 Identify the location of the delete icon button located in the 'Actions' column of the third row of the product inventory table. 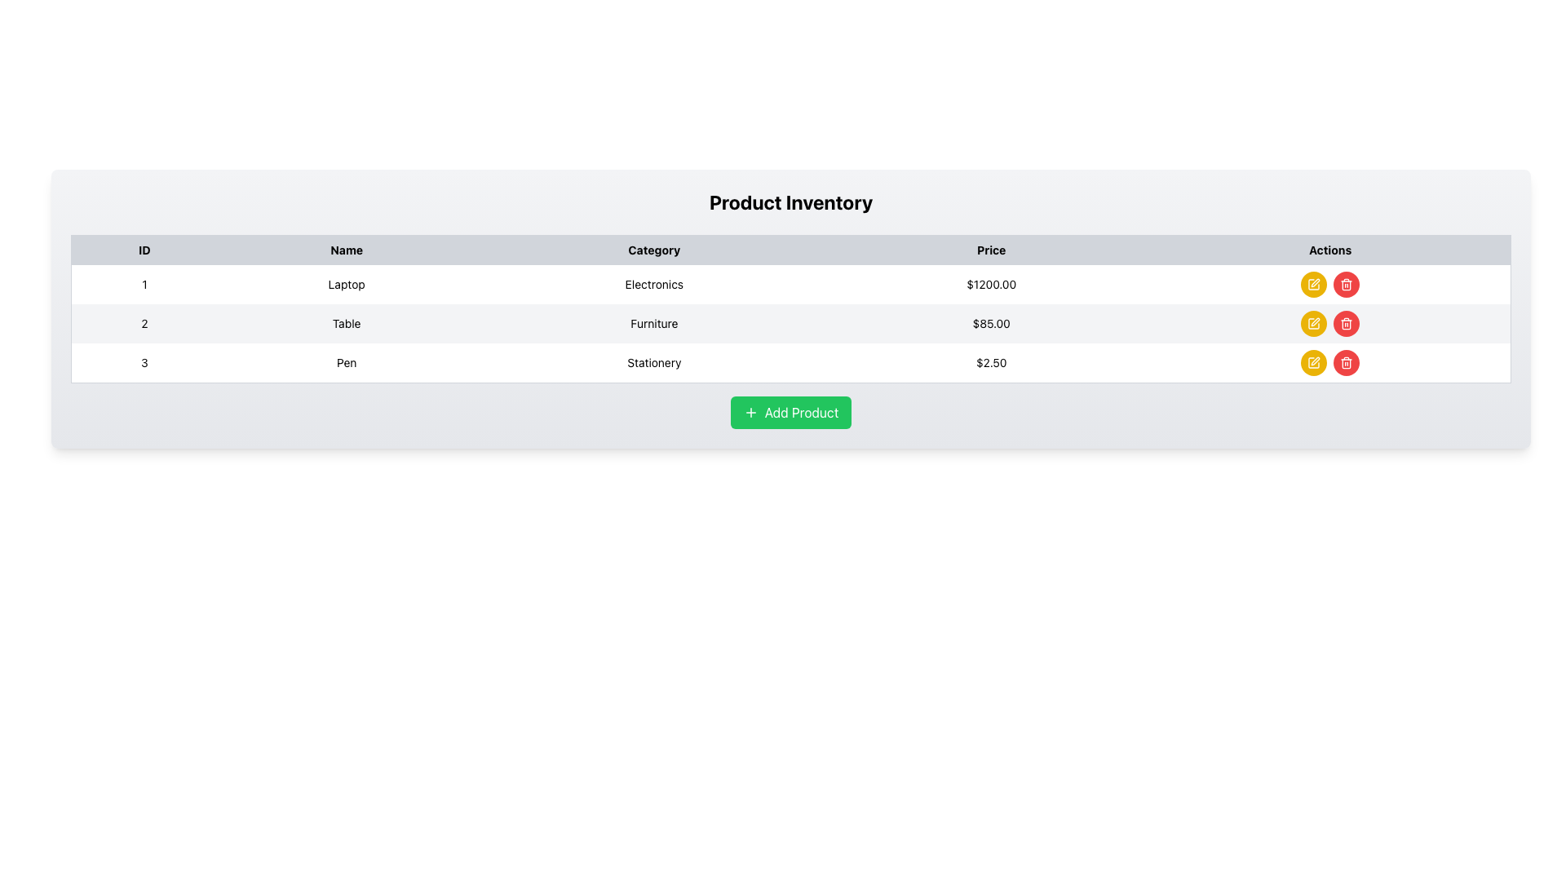
(1347, 361).